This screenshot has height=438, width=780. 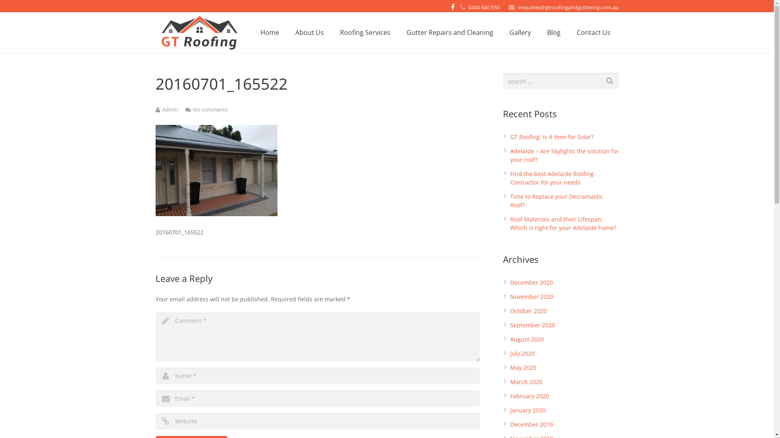 What do you see at coordinates (526, 382) in the screenshot?
I see `'March 2020'` at bounding box center [526, 382].